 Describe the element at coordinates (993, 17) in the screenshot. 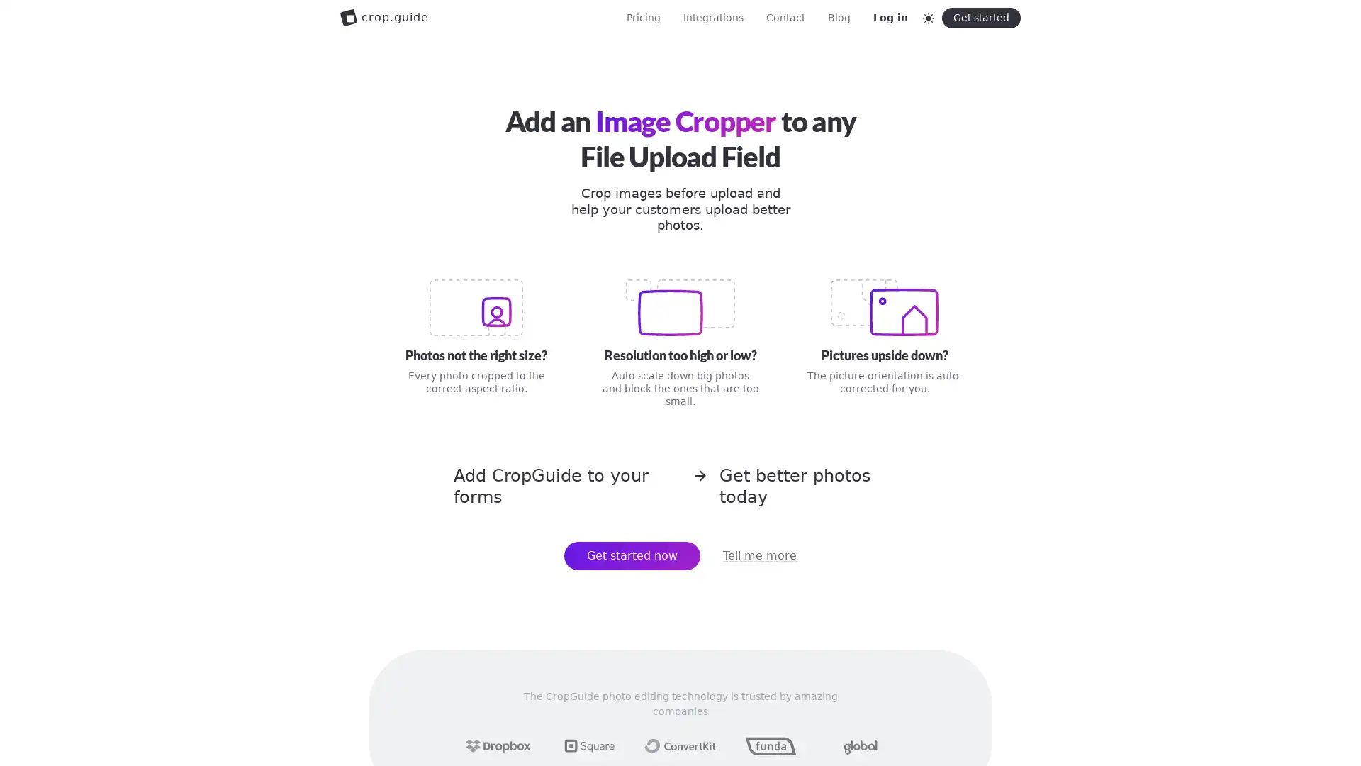

I see `menu` at that location.